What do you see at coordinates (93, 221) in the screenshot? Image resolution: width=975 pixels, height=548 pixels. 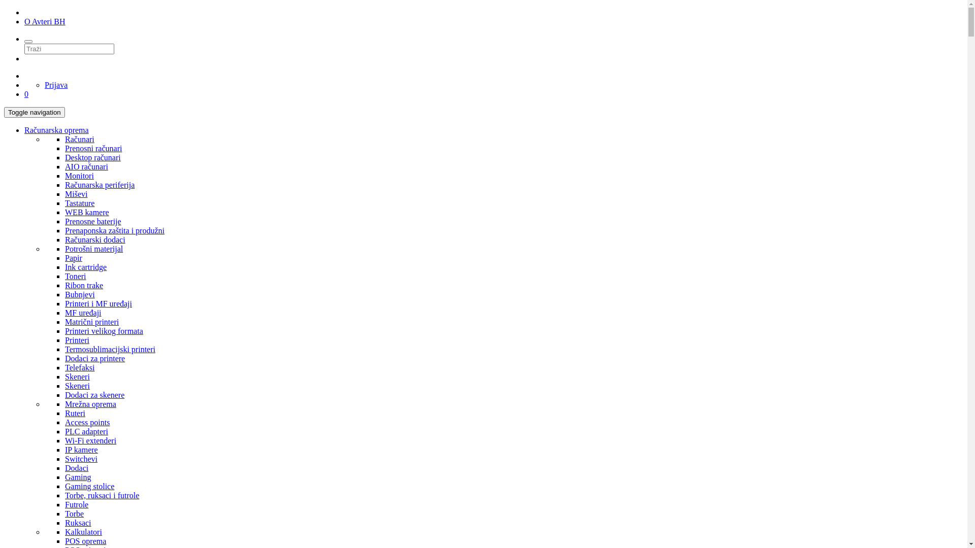 I see `'Prenosne baterije'` at bounding box center [93, 221].